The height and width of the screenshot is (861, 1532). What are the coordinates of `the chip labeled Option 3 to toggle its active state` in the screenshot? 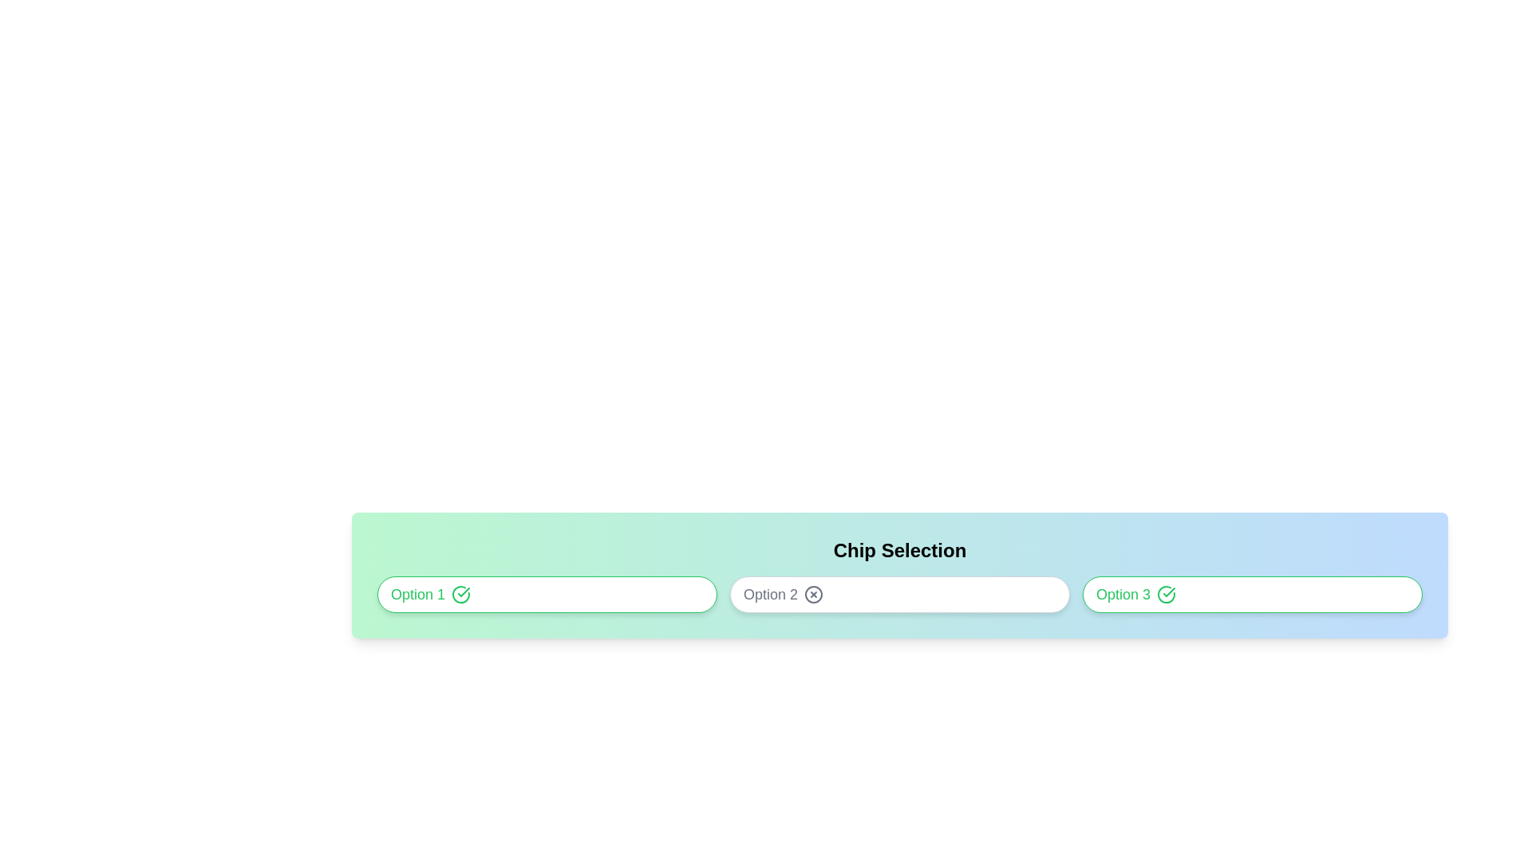 It's located at (1251, 594).